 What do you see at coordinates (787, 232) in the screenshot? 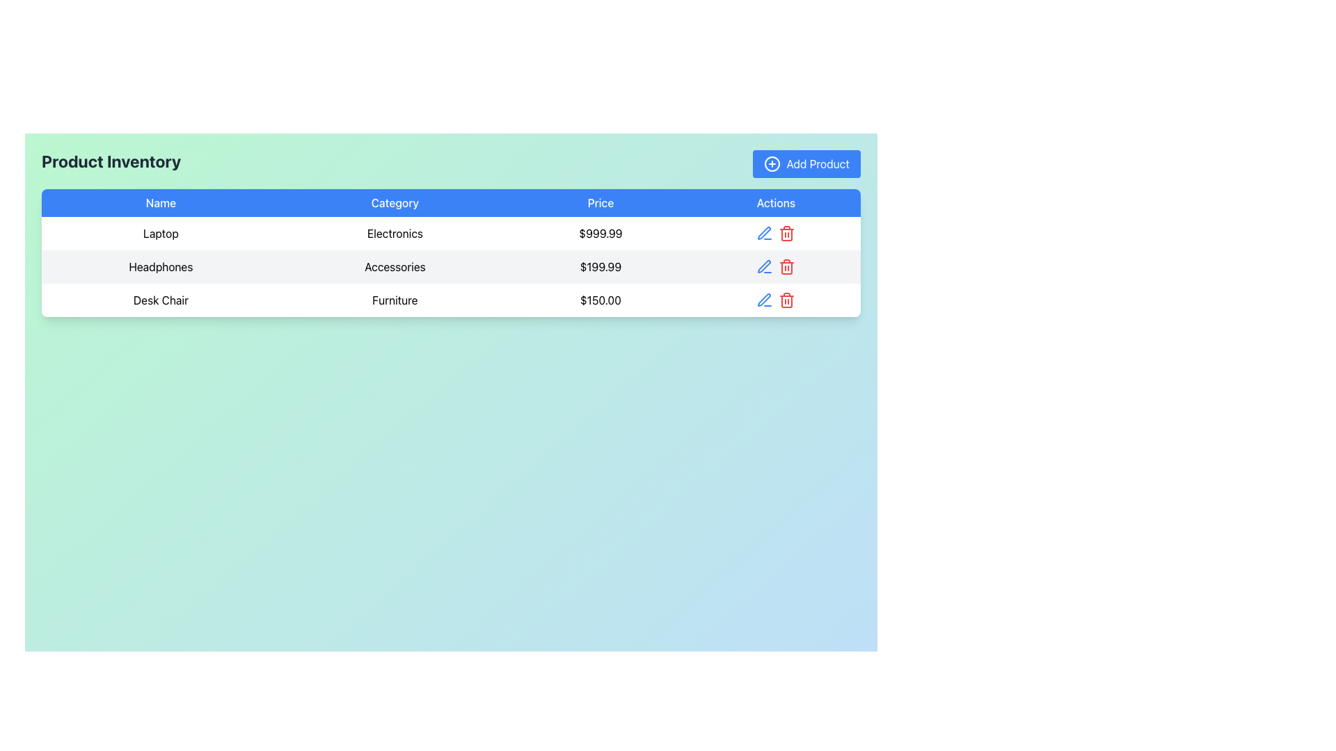
I see `the trash icon button styled in red in the 'Actions' column of the top row of the table` at bounding box center [787, 232].